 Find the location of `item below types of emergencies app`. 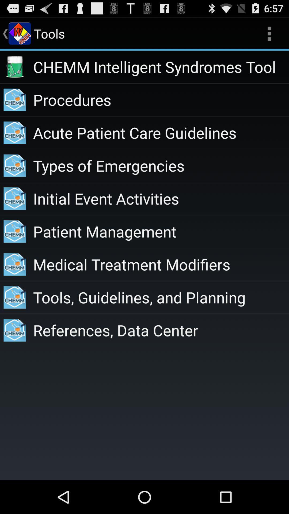

item below types of emergencies app is located at coordinates (161, 198).